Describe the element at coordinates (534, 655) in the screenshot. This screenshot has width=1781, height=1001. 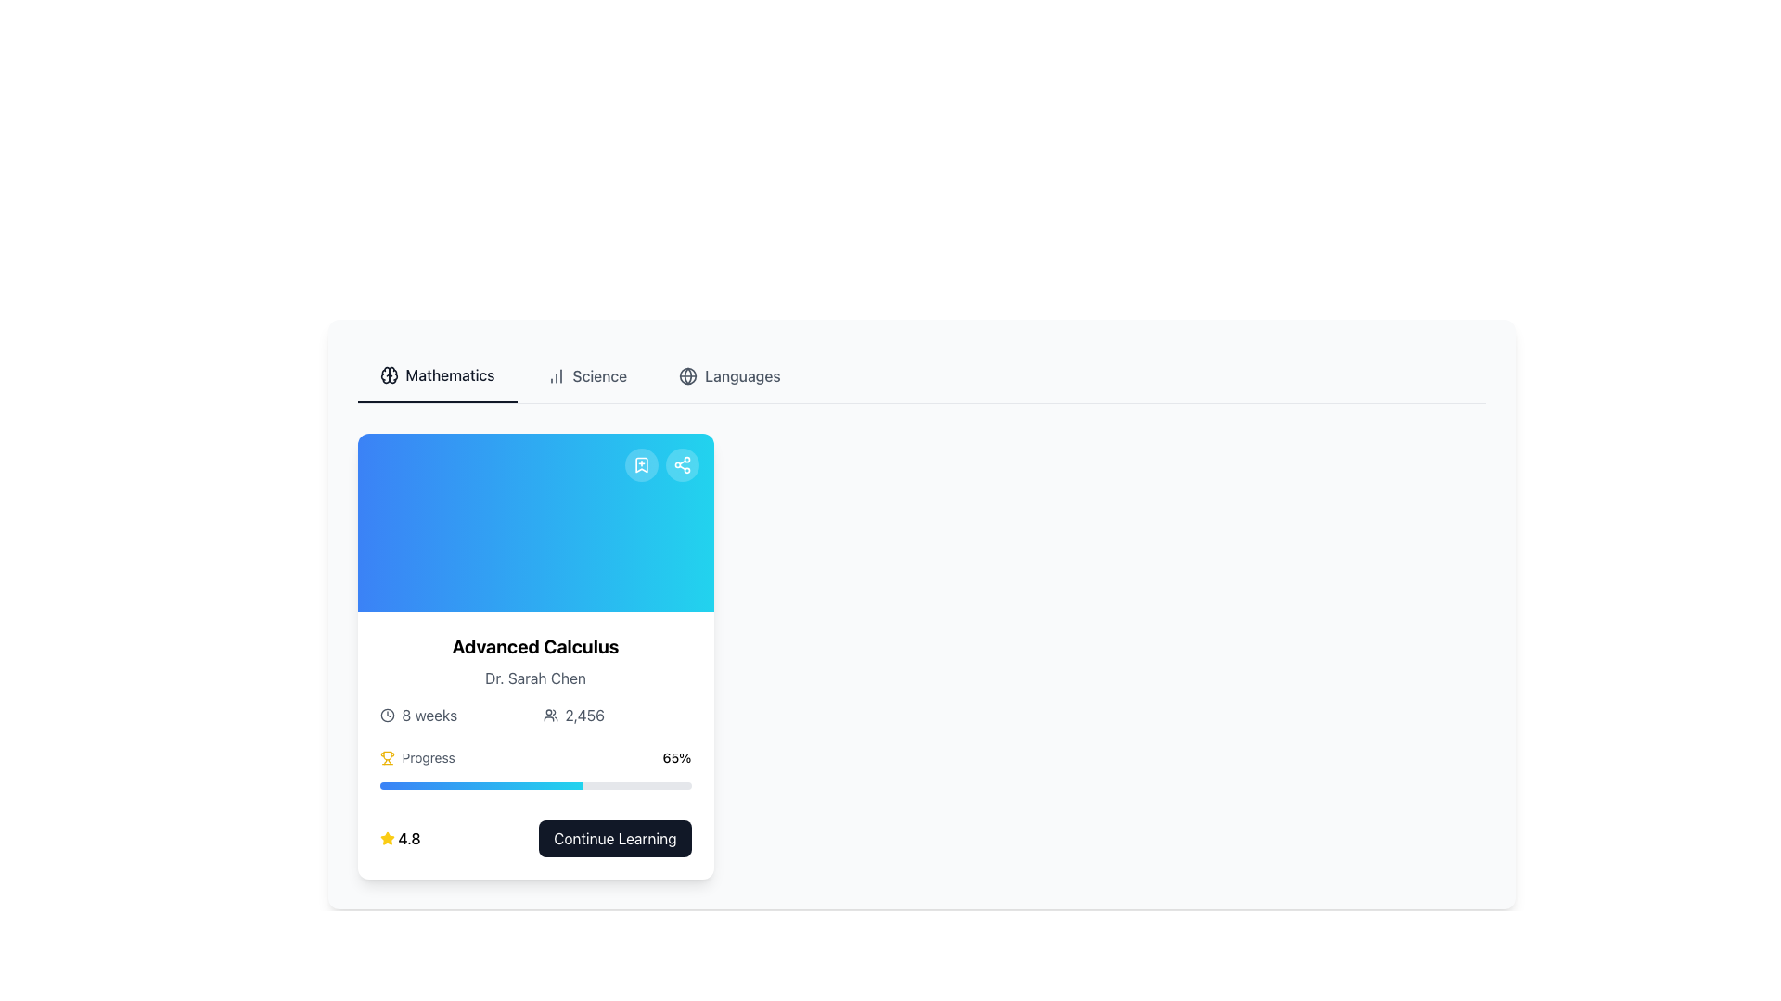
I see `the 'Advanced Calculus' course card` at that location.